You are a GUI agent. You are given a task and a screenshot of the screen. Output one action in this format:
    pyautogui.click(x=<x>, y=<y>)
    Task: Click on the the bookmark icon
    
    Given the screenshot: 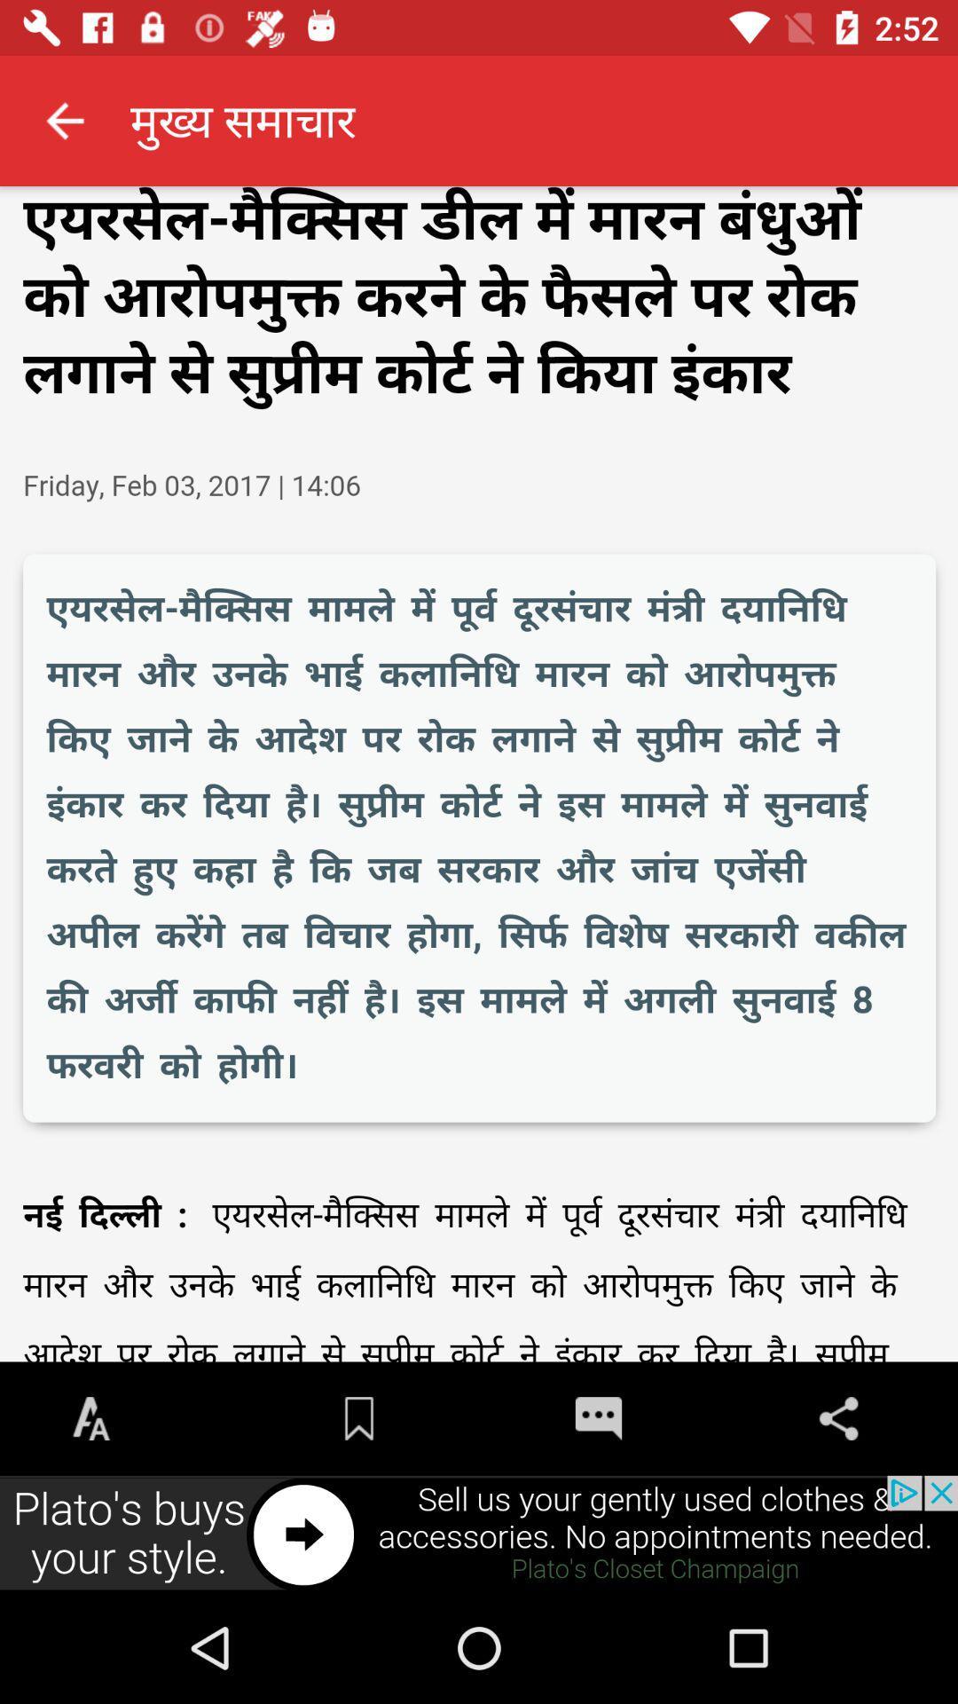 What is the action you would take?
    pyautogui.click(x=359, y=1417)
    